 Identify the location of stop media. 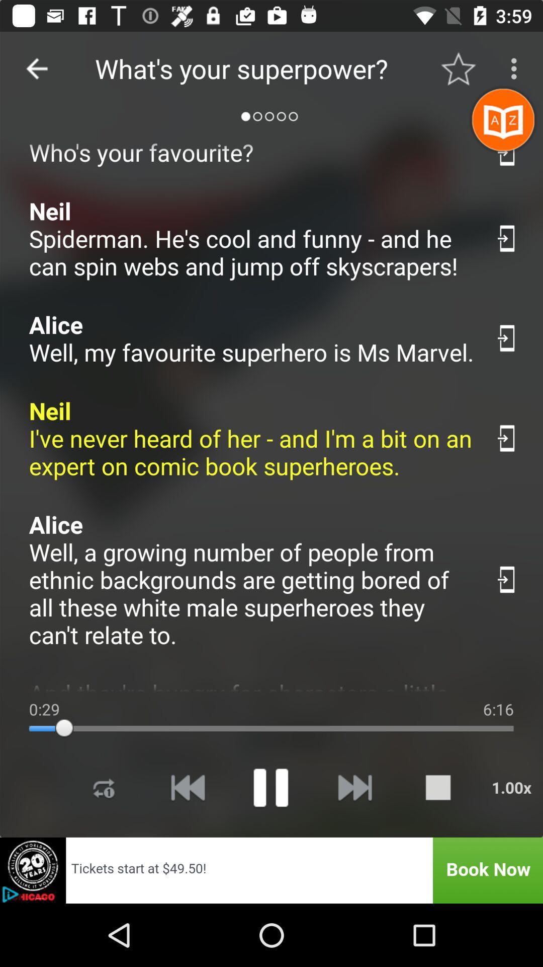
(437, 787).